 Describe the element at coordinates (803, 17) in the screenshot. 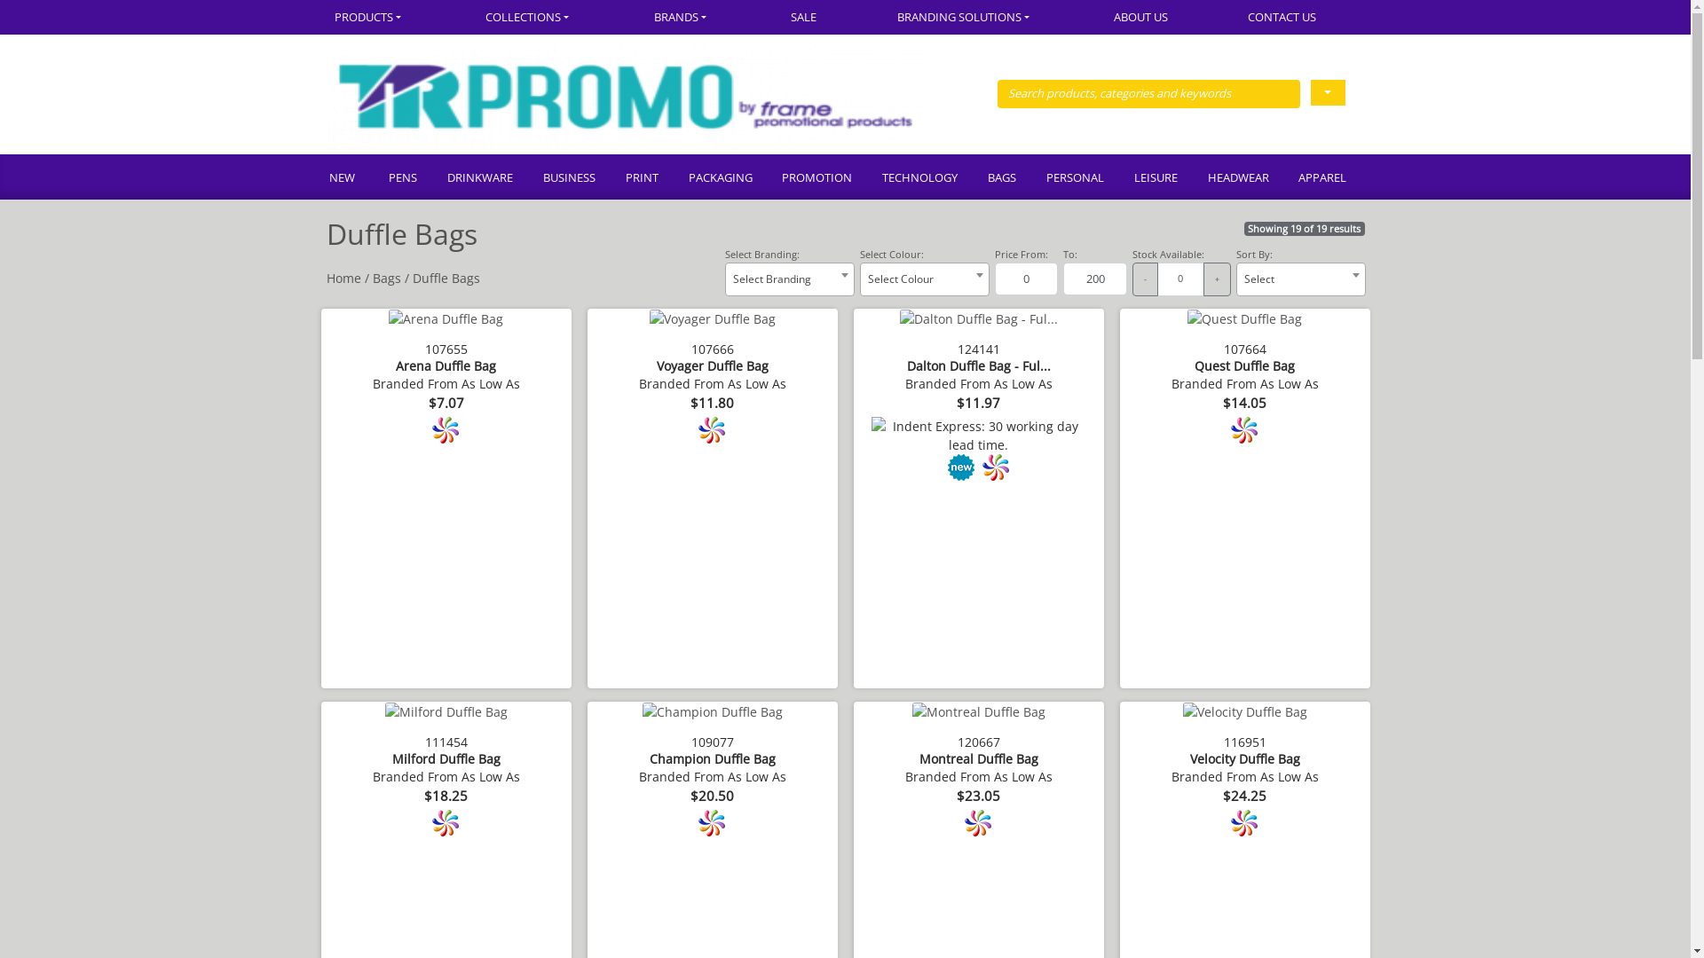

I see `'SALE'` at that location.